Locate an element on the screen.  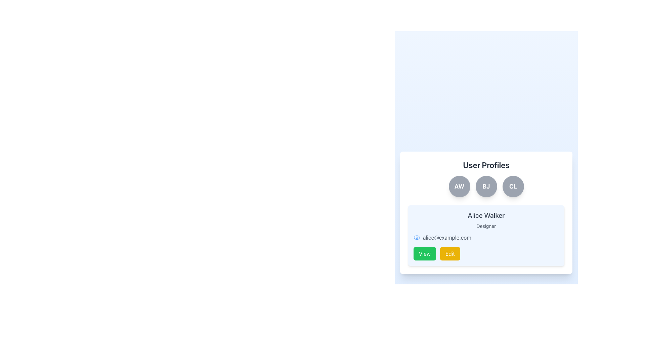
the 'Edit' button with a yellow background is located at coordinates (450, 254).